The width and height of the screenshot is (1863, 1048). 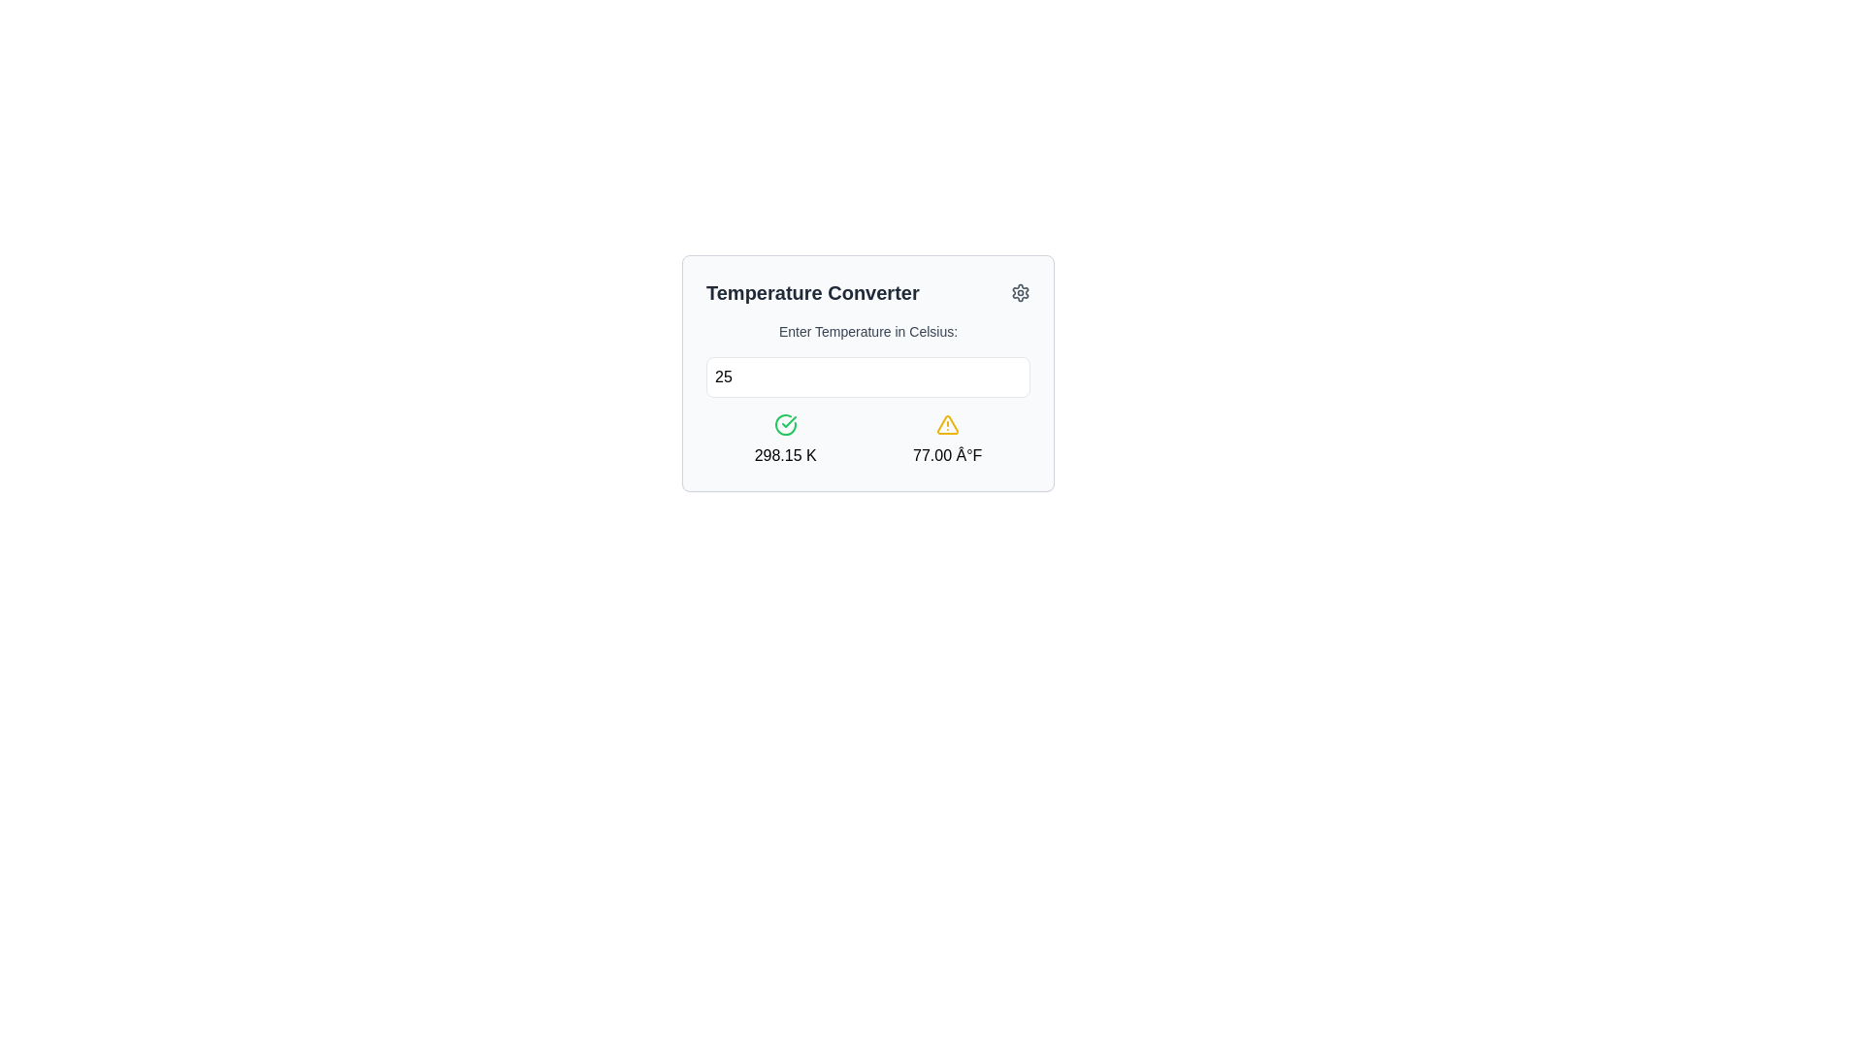 I want to click on the static text label that provides instructional text for the adjacent numeric input field for temperature in Celsius, located above the numeric input field, so click(x=866, y=331).